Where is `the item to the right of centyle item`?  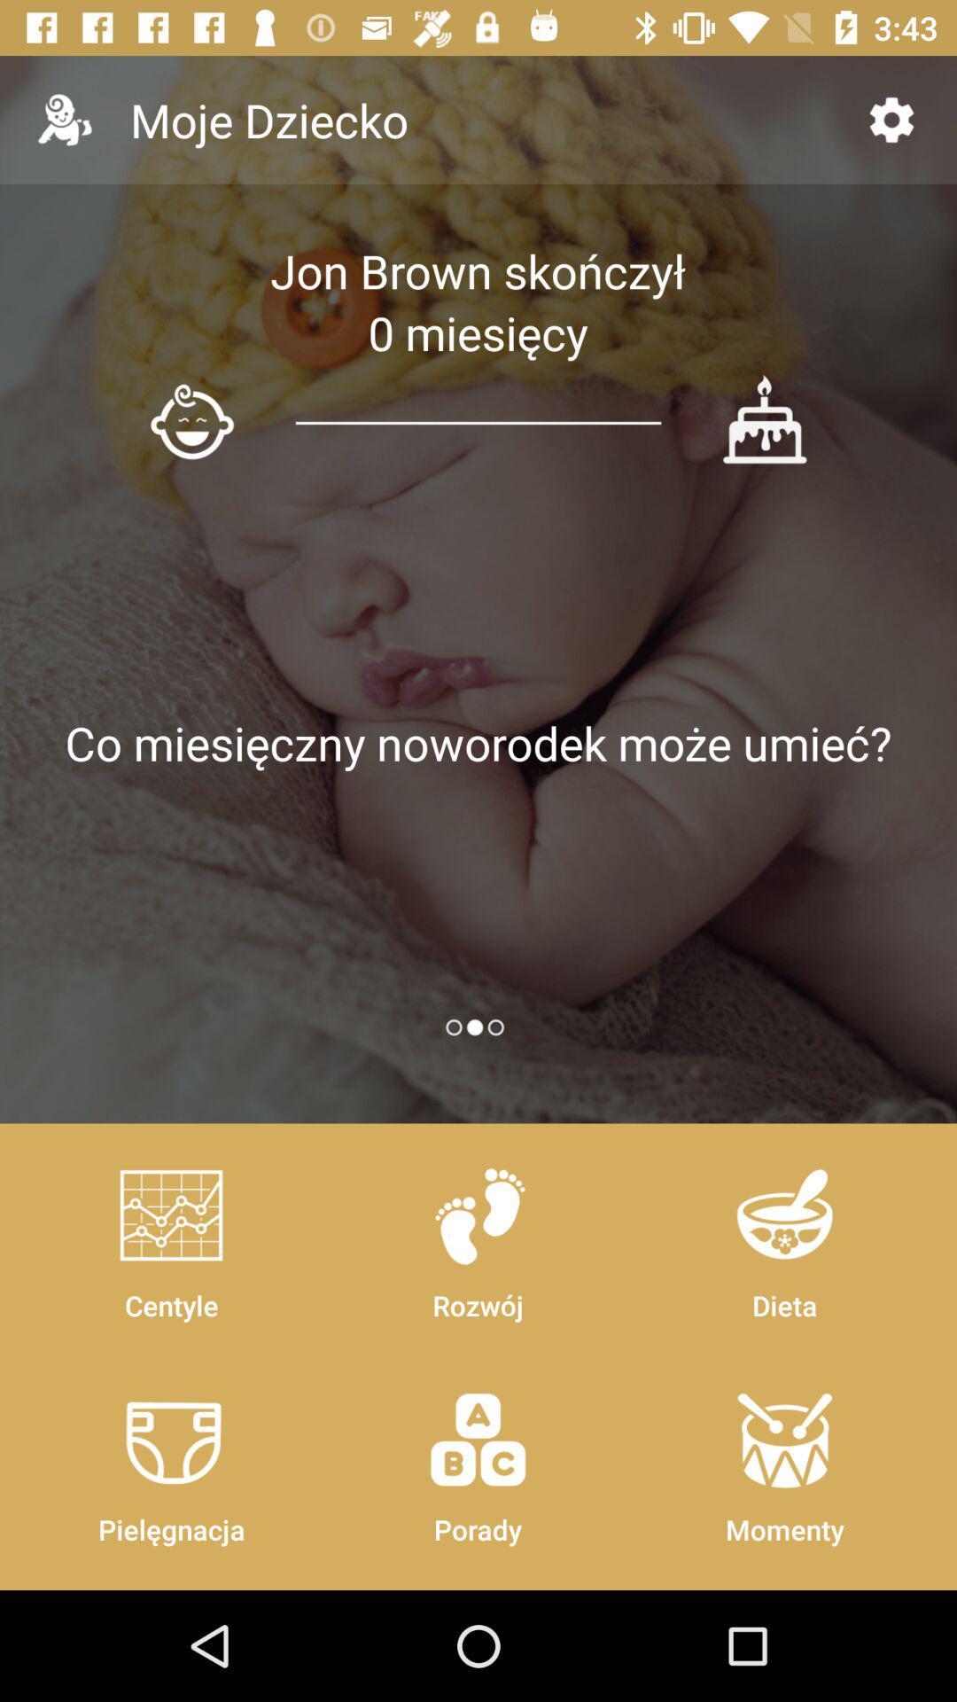 the item to the right of centyle item is located at coordinates (477, 1459).